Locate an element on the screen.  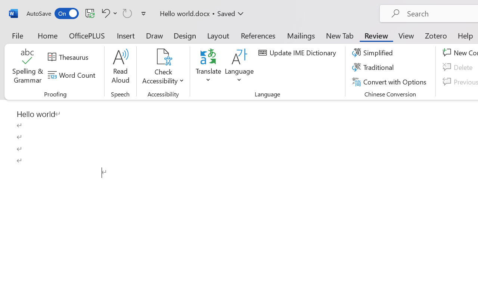
'Word Count' is located at coordinates (72, 75).